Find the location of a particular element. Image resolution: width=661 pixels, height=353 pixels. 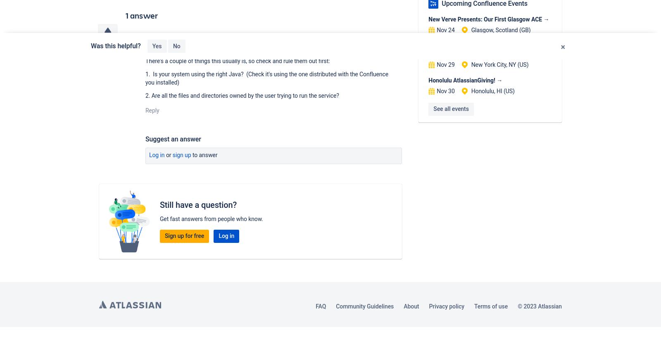

'Community Leader' is located at coordinates (211, 50).